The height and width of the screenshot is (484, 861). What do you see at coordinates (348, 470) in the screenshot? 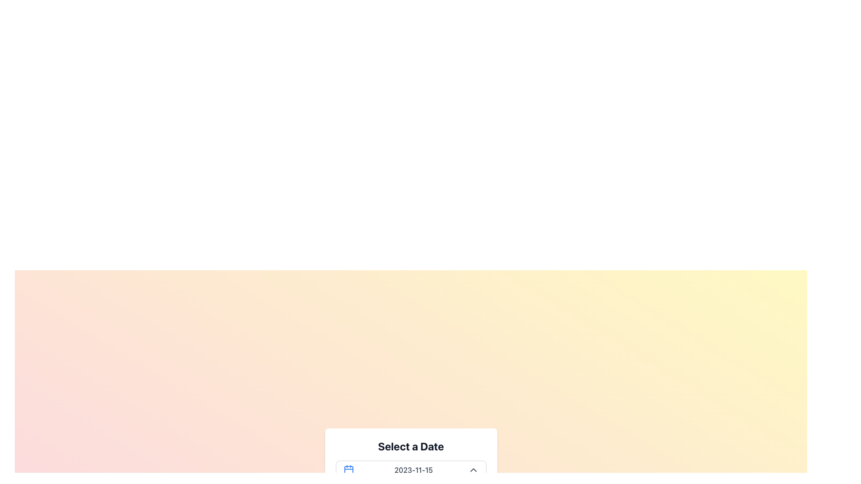
I see `the blue calendar icon located to the left of the text '2023-11-15'` at bounding box center [348, 470].